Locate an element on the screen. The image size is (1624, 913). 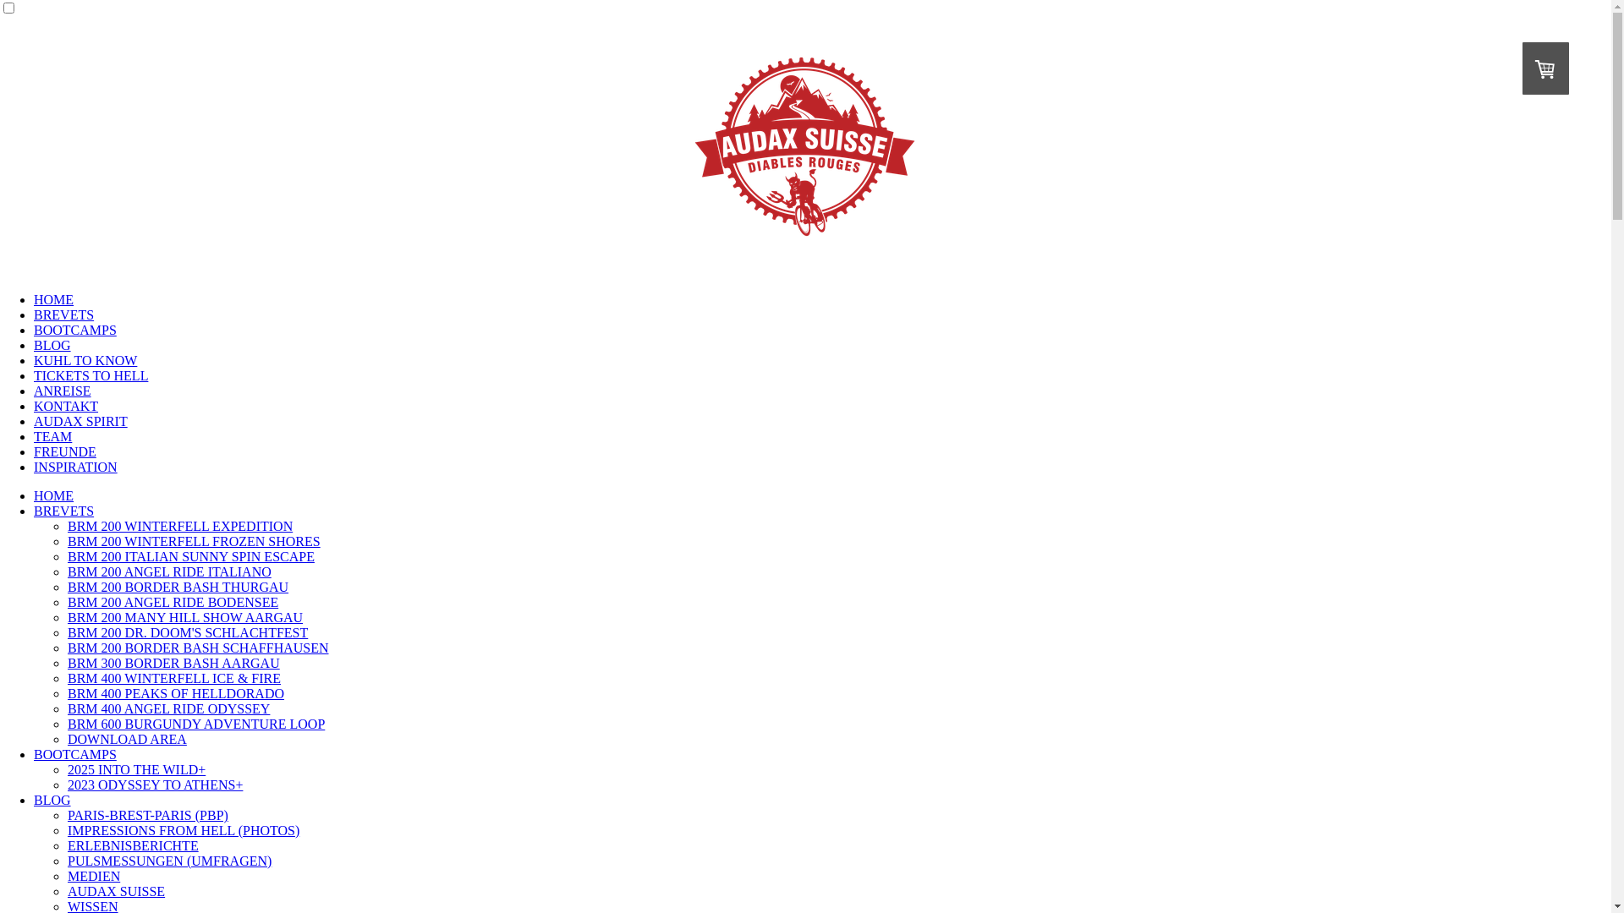
'BRM 200 ANGEL RIDE ITALIANO' is located at coordinates (169, 571).